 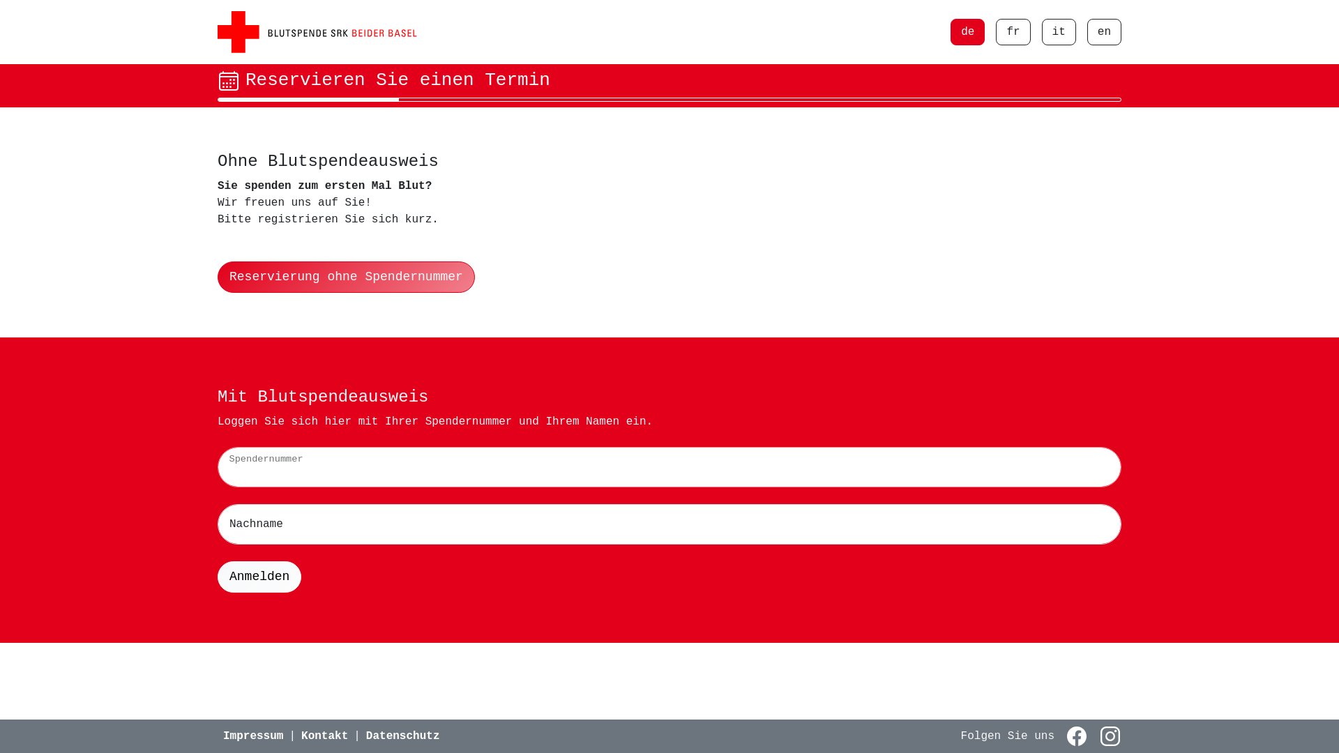 I want to click on 'Anmelden', so click(x=259, y=577).